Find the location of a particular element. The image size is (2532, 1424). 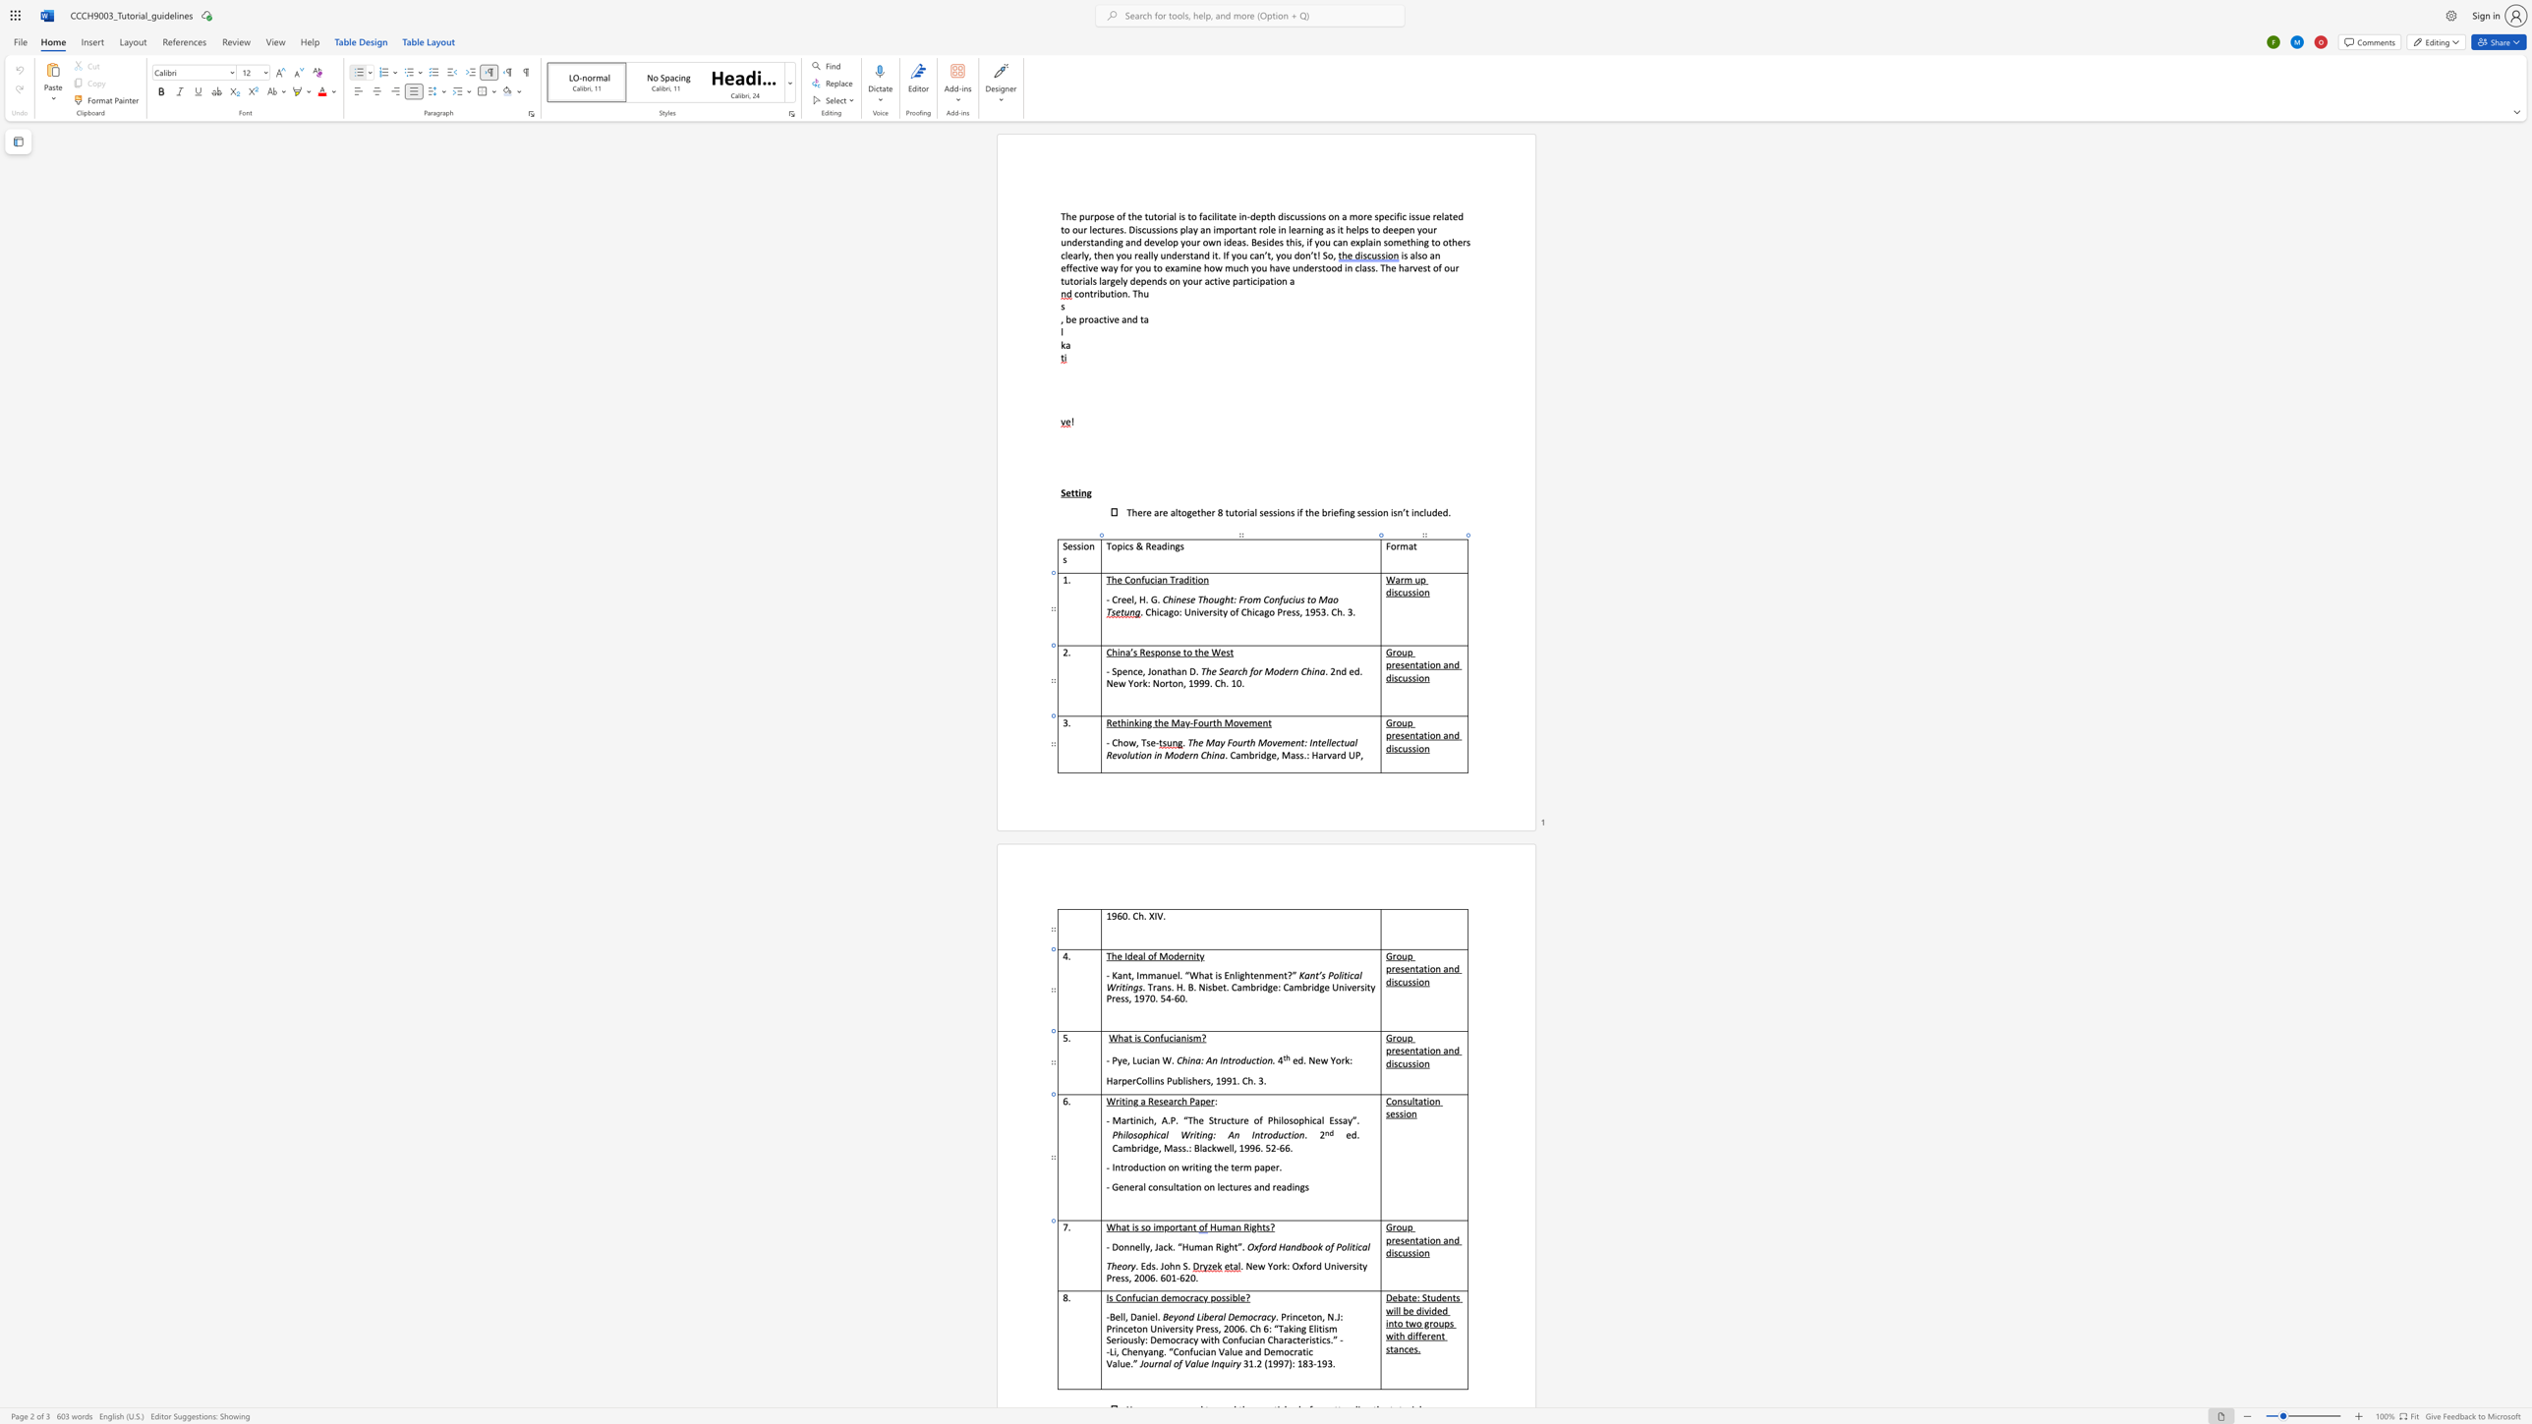

the 1th character "H" in the text is located at coordinates (1213, 1226).